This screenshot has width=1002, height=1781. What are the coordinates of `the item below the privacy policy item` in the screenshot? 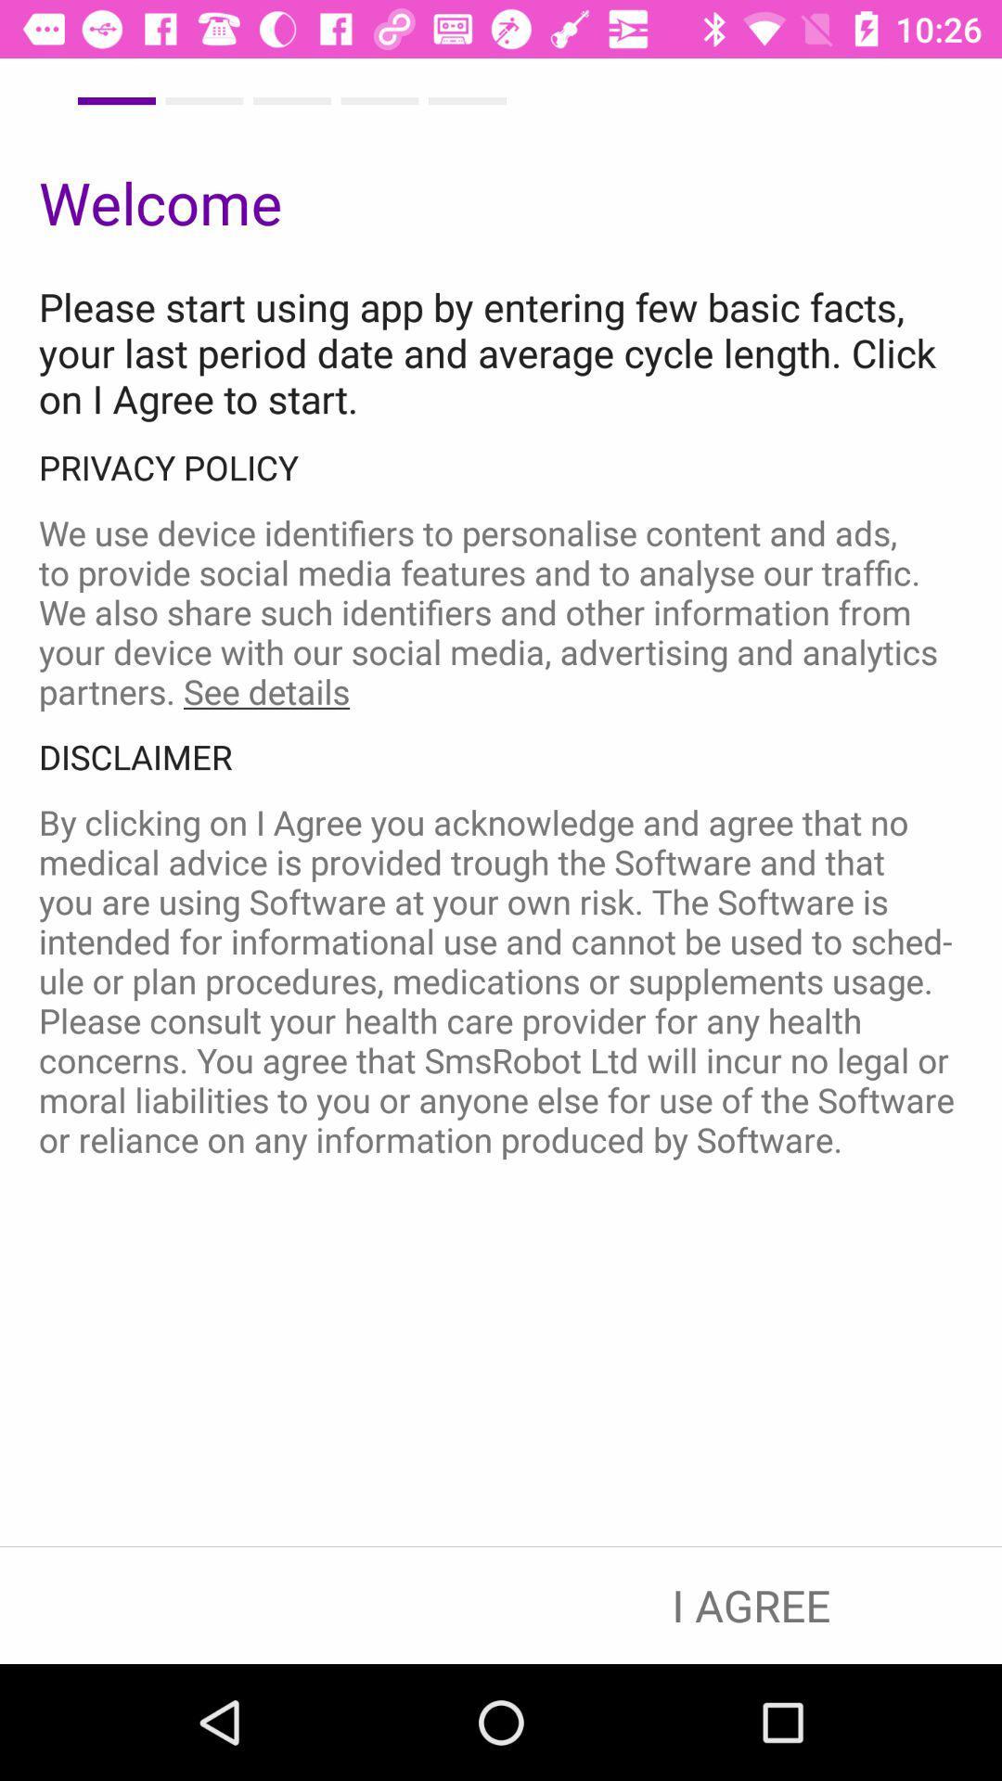 It's located at (501, 612).